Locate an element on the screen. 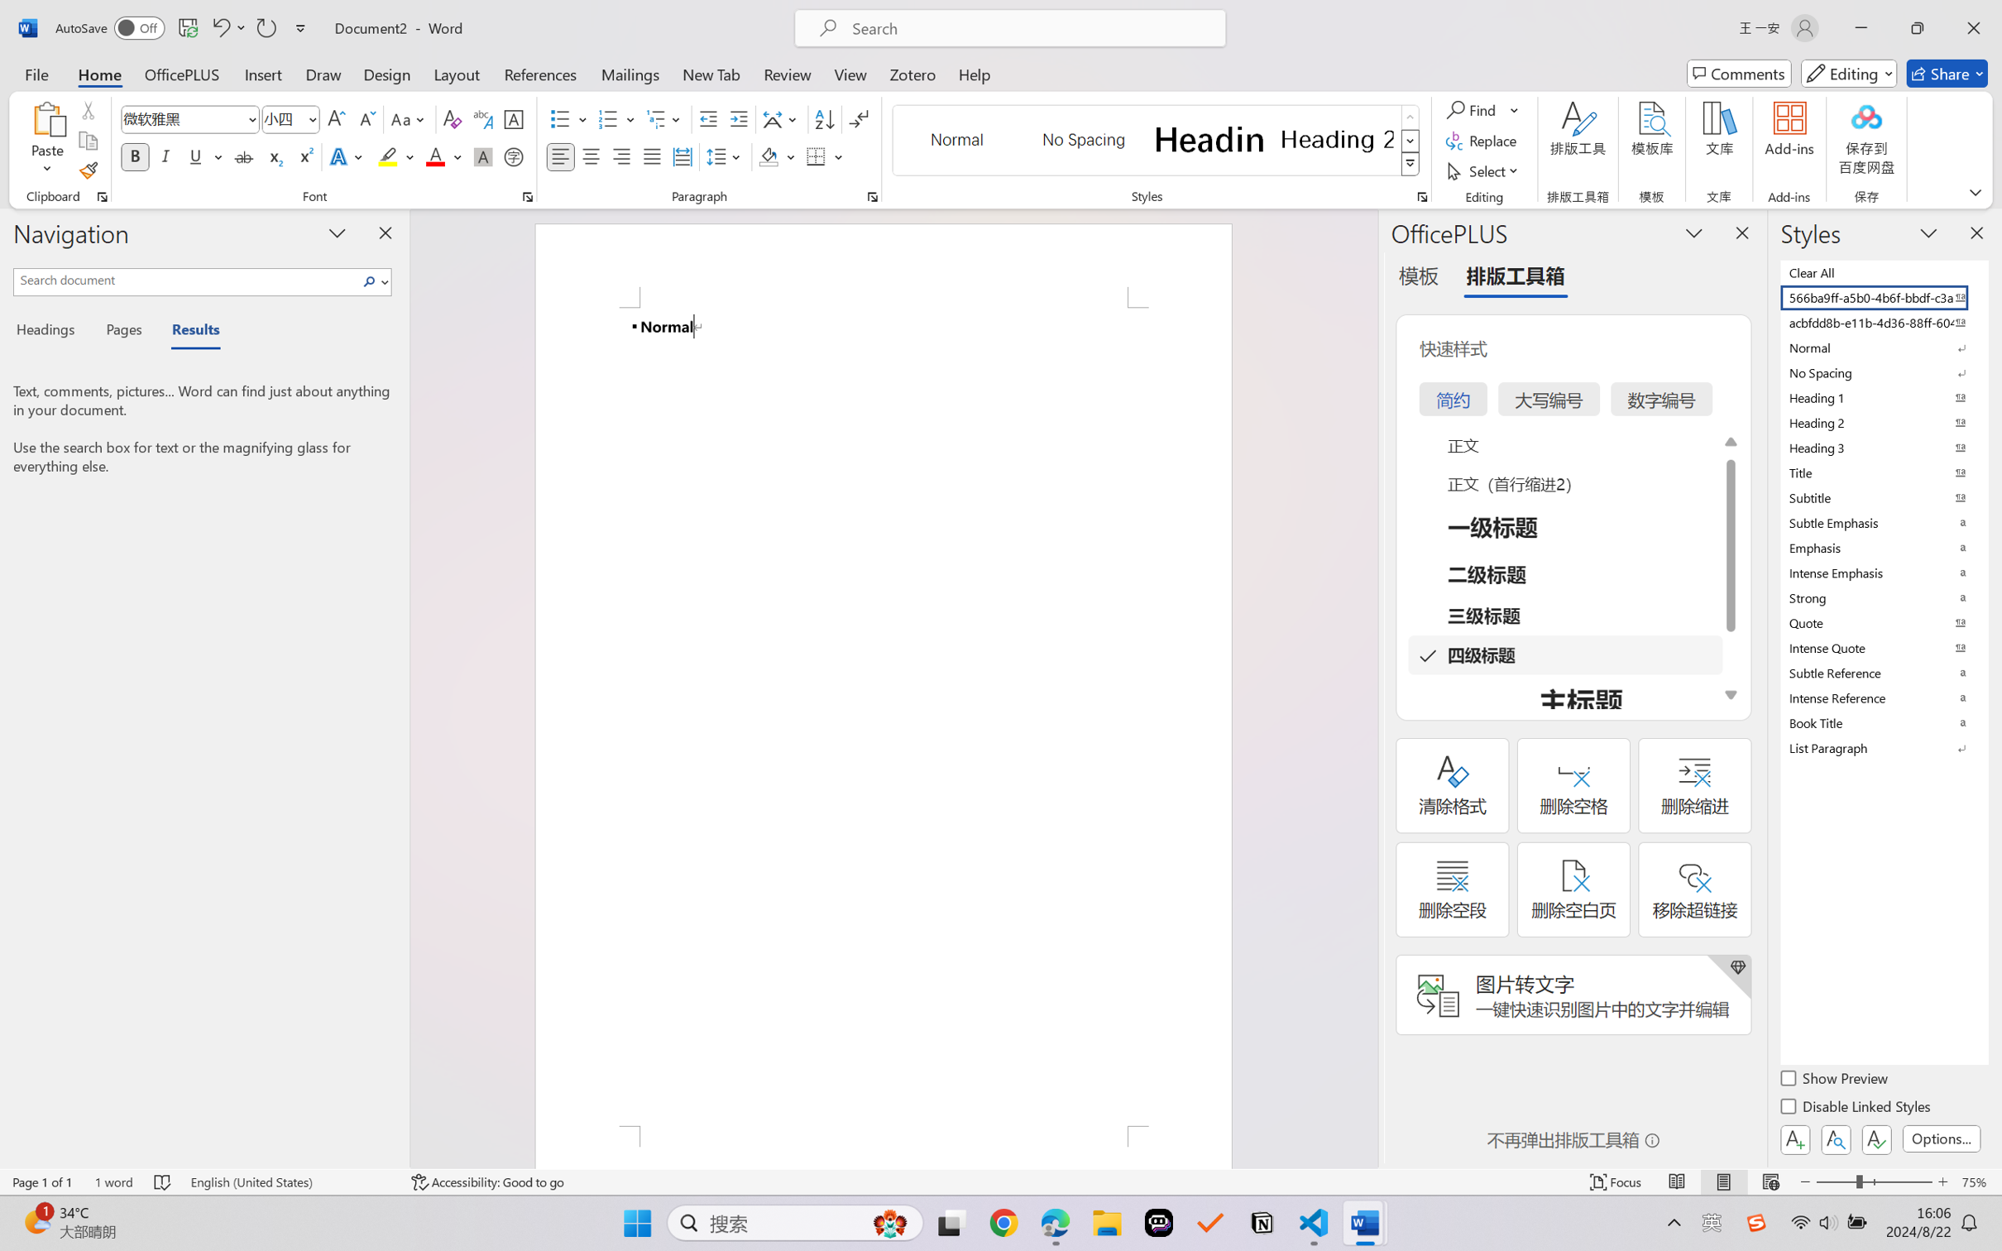  'Underline' is located at coordinates (194, 156).